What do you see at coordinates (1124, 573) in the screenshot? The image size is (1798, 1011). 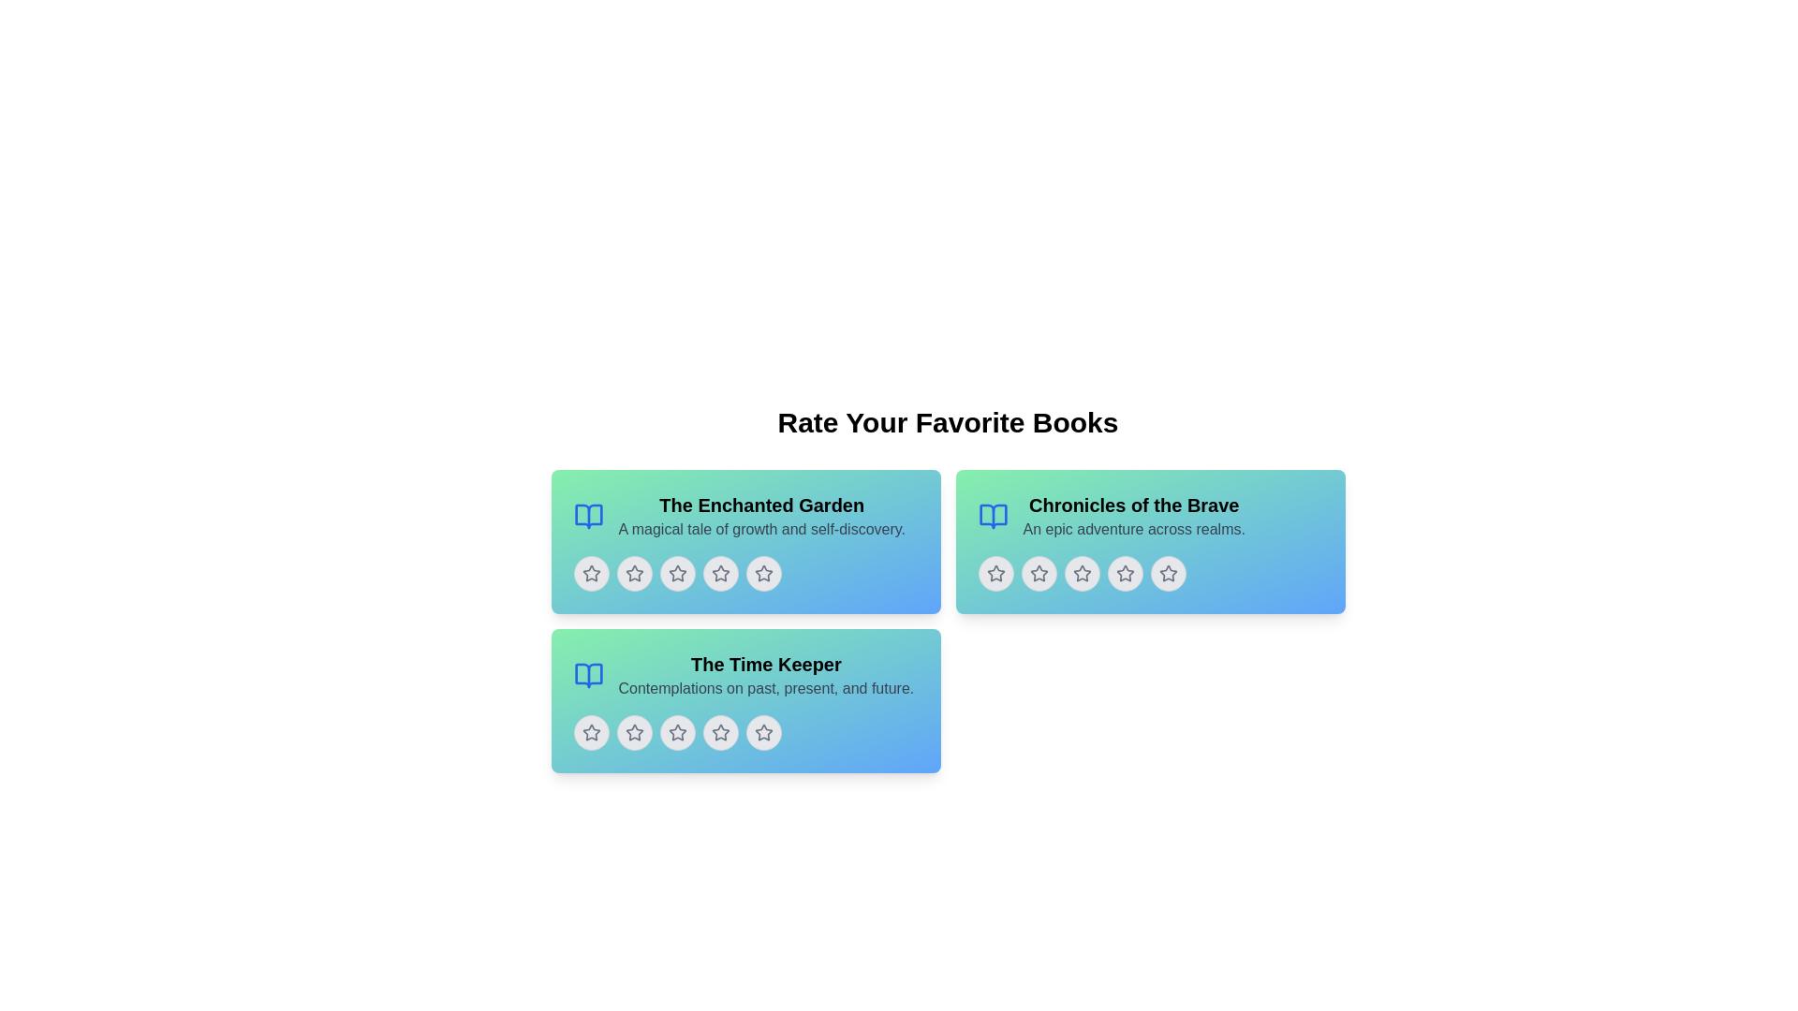 I see `the third star icon in the rating row of the 'Chronicles of the Brave' card interface to rate it` at bounding box center [1124, 573].